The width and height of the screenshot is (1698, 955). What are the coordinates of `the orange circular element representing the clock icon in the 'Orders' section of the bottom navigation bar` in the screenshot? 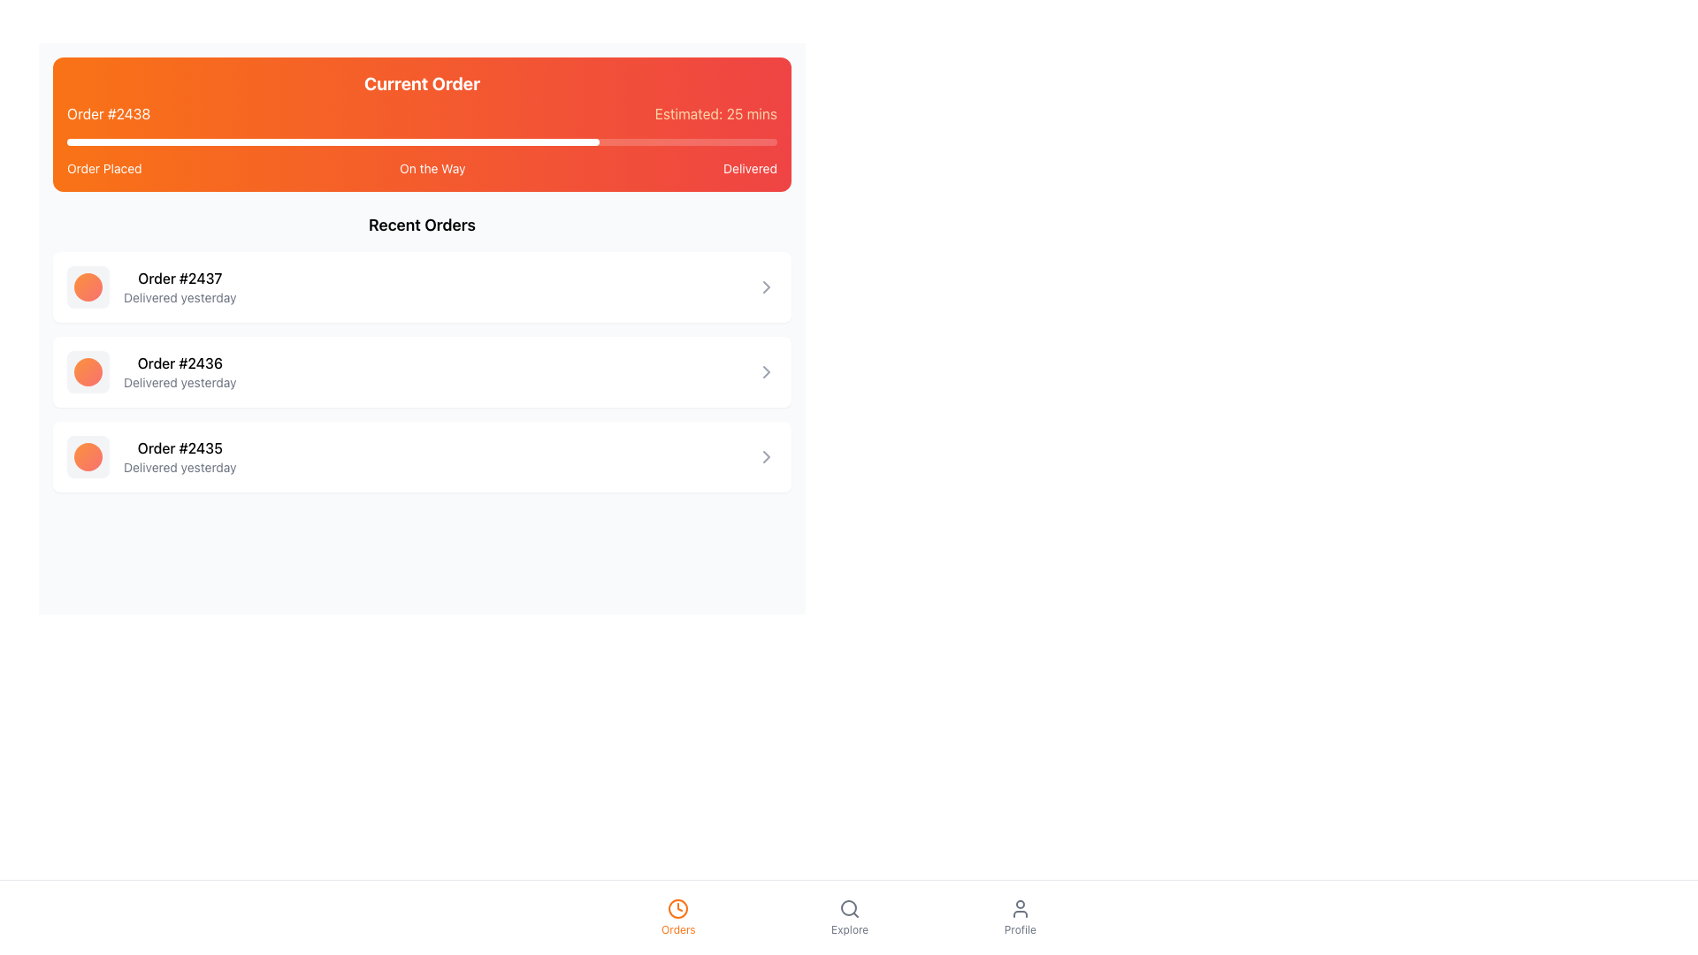 It's located at (677, 909).